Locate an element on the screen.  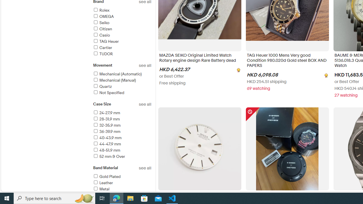
'Gold Plated' is located at coordinates (122, 177).